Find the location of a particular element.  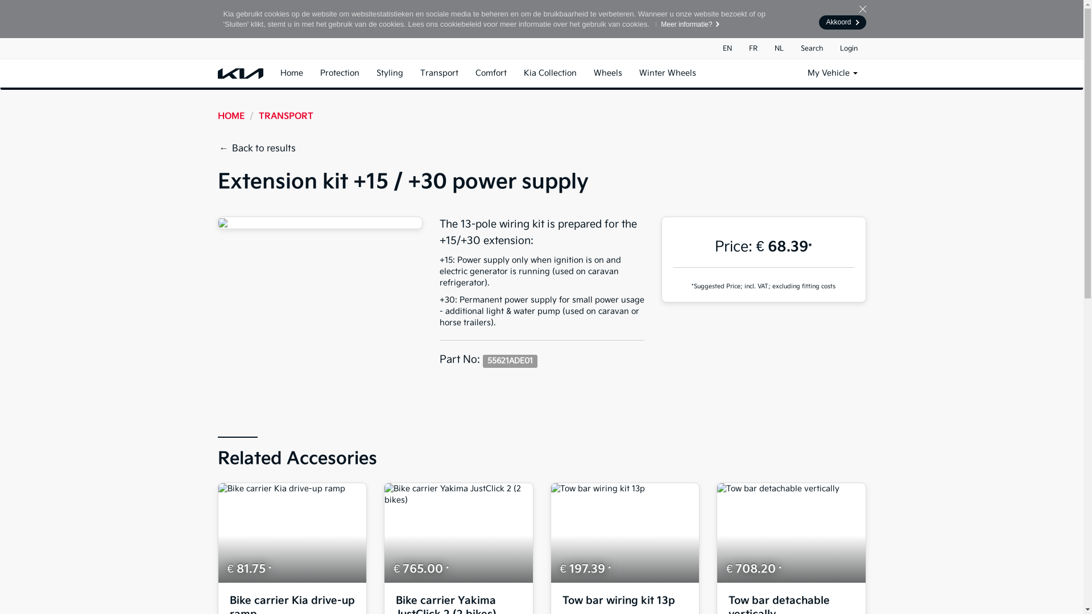

'Akkoord' is located at coordinates (842, 22).